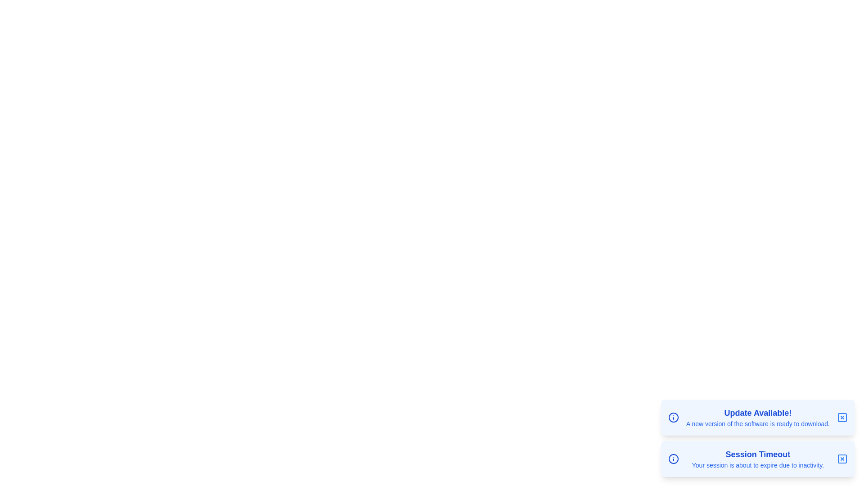 The height and width of the screenshot is (486, 864). Describe the element at coordinates (673, 418) in the screenshot. I see `the information icon to understand its purpose` at that location.